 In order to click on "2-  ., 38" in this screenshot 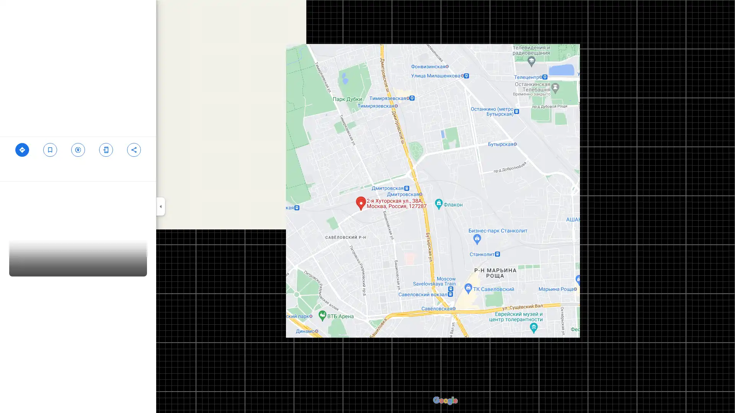, I will do `click(49, 153)`.